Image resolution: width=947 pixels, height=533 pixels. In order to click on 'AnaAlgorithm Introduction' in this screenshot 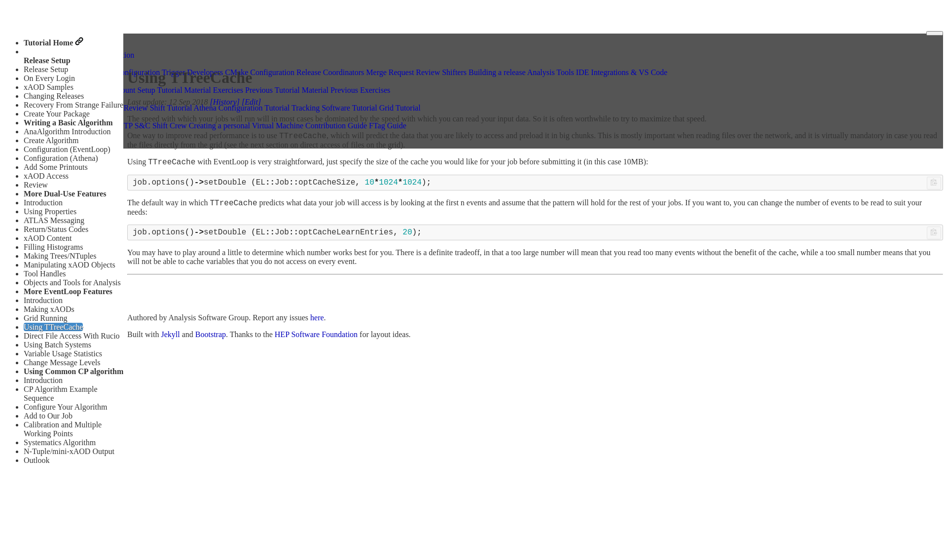, I will do `click(66, 131)`.